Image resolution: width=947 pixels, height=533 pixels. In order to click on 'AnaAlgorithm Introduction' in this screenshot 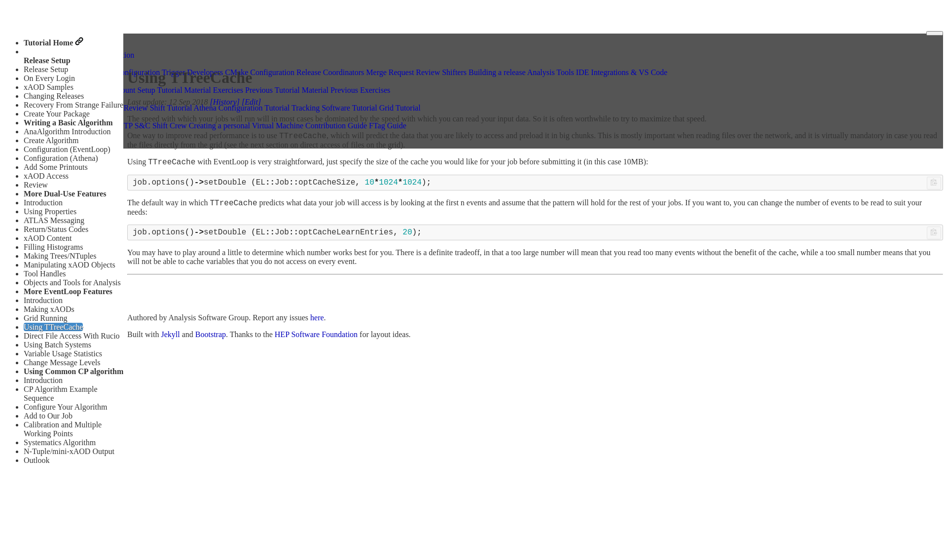, I will do `click(66, 131)`.